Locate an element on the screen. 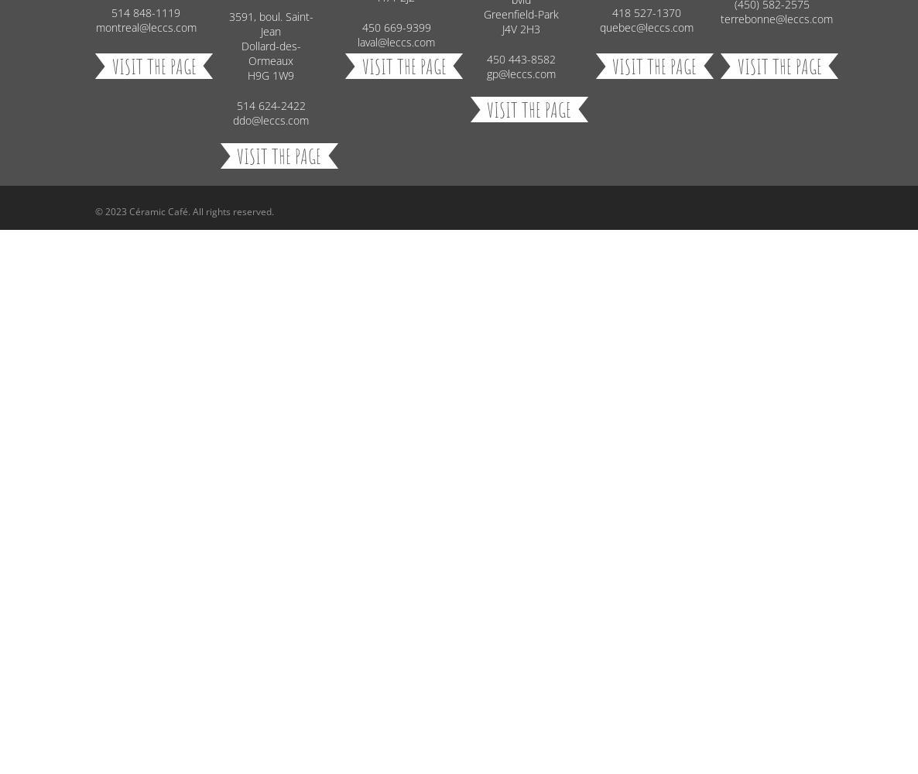  '450 443-8582' is located at coordinates (521, 57).